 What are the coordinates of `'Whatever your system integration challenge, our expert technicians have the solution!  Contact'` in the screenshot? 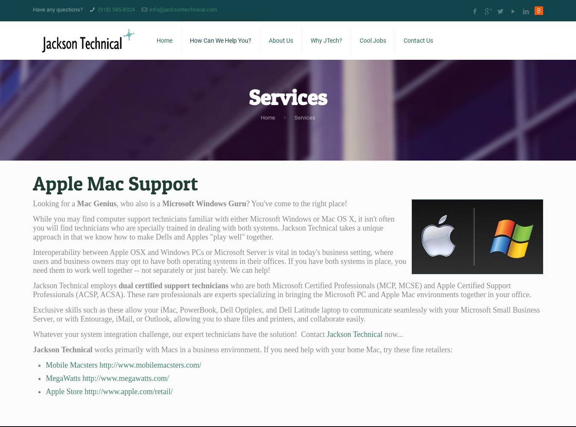 It's located at (180, 334).